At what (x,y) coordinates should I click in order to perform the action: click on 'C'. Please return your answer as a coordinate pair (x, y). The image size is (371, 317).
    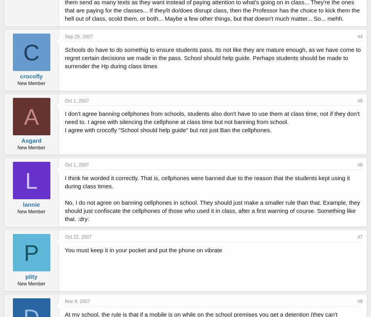
    Looking at the image, I should click on (31, 51).